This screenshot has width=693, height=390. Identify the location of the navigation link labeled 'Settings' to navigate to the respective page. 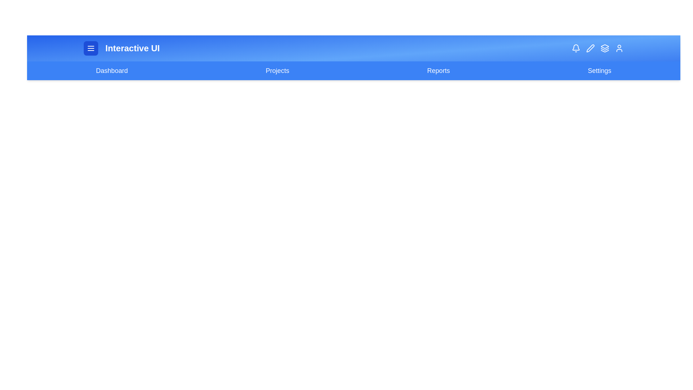
(599, 71).